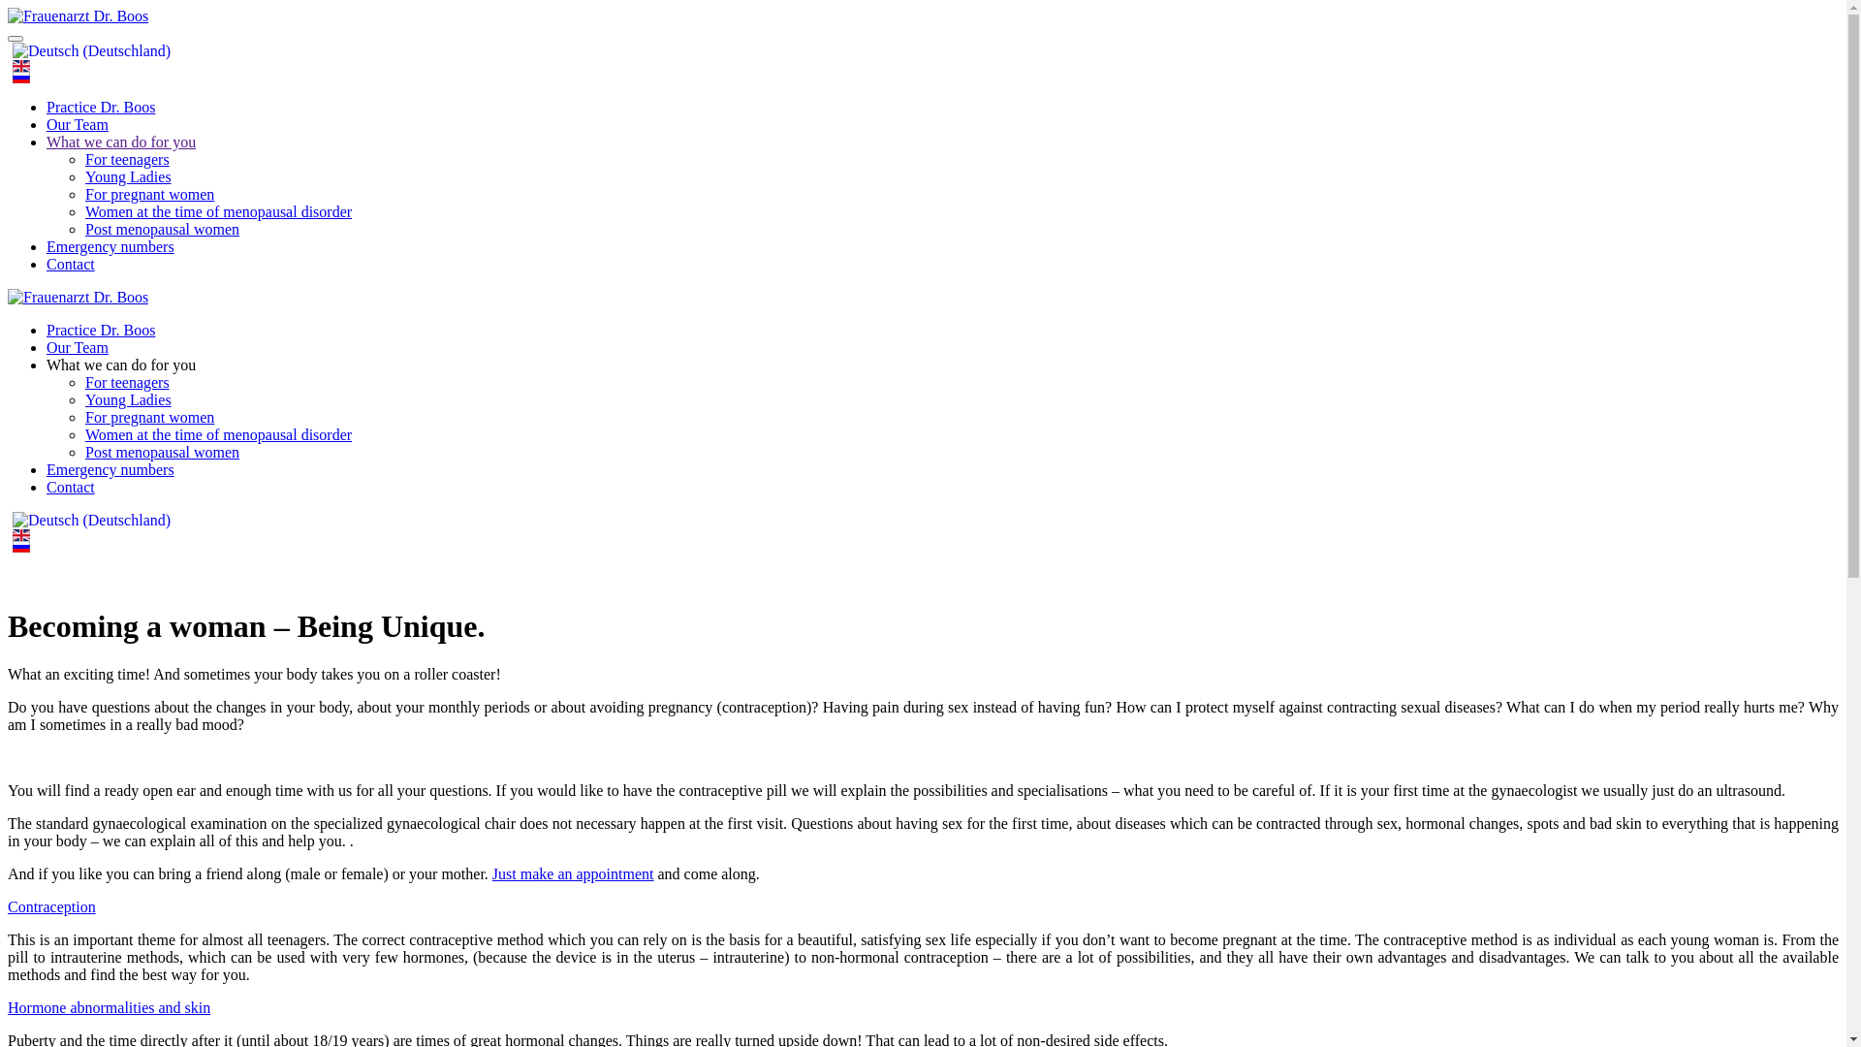  What do you see at coordinates (572, 873) in the screenshot?
I see `'Just make an appointment'` at bounding box center [572, 873].